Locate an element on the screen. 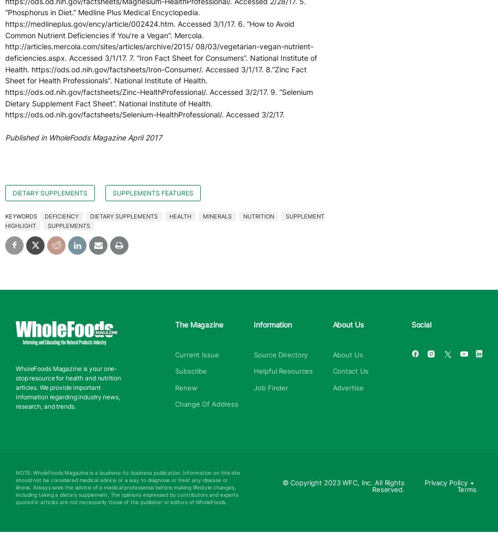  'dietary supplements' is located at coordinates (90, 216).